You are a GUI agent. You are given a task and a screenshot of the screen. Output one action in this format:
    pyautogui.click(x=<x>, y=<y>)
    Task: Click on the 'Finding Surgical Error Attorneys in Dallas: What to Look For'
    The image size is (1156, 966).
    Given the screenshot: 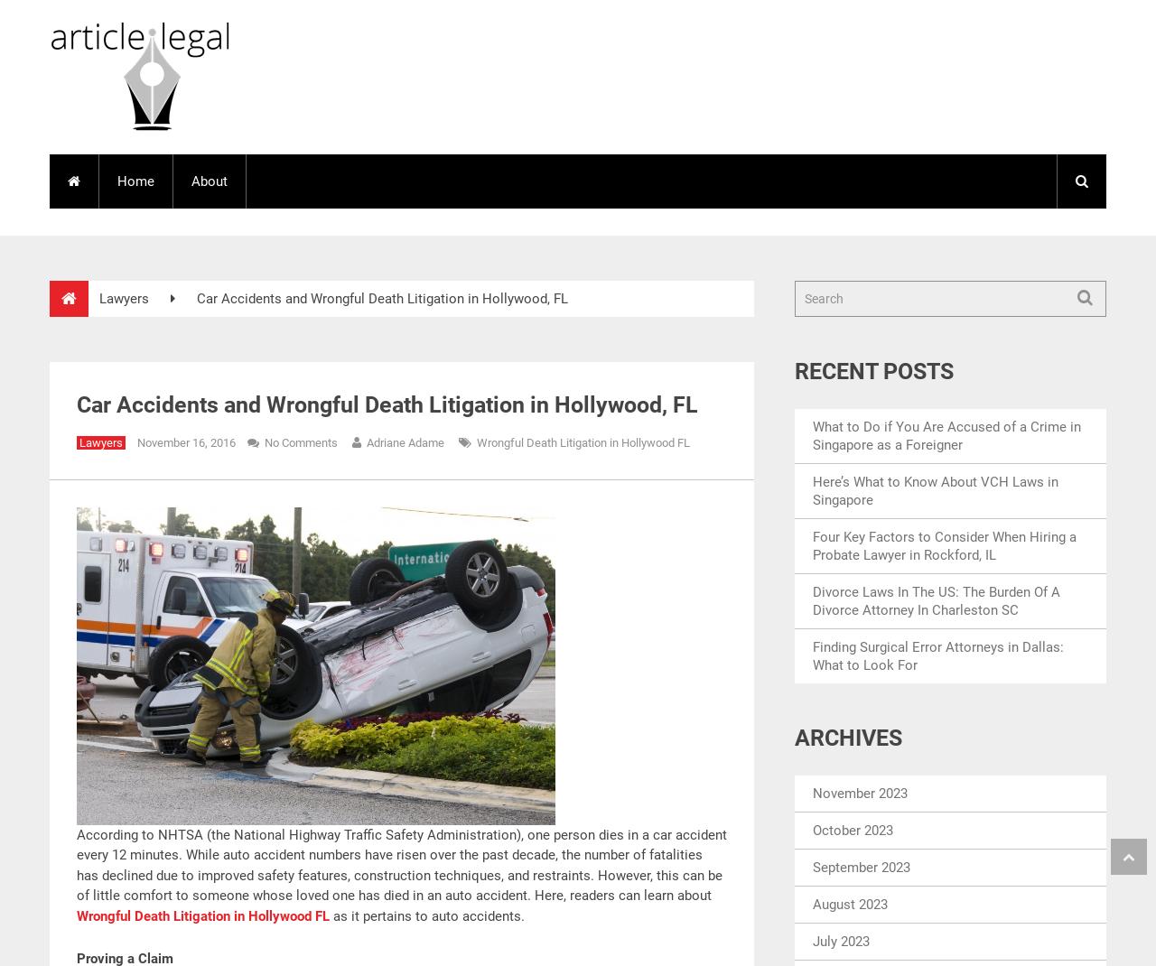 What is the action you would take?
    pyautogui.click(x=937, y=654)
    